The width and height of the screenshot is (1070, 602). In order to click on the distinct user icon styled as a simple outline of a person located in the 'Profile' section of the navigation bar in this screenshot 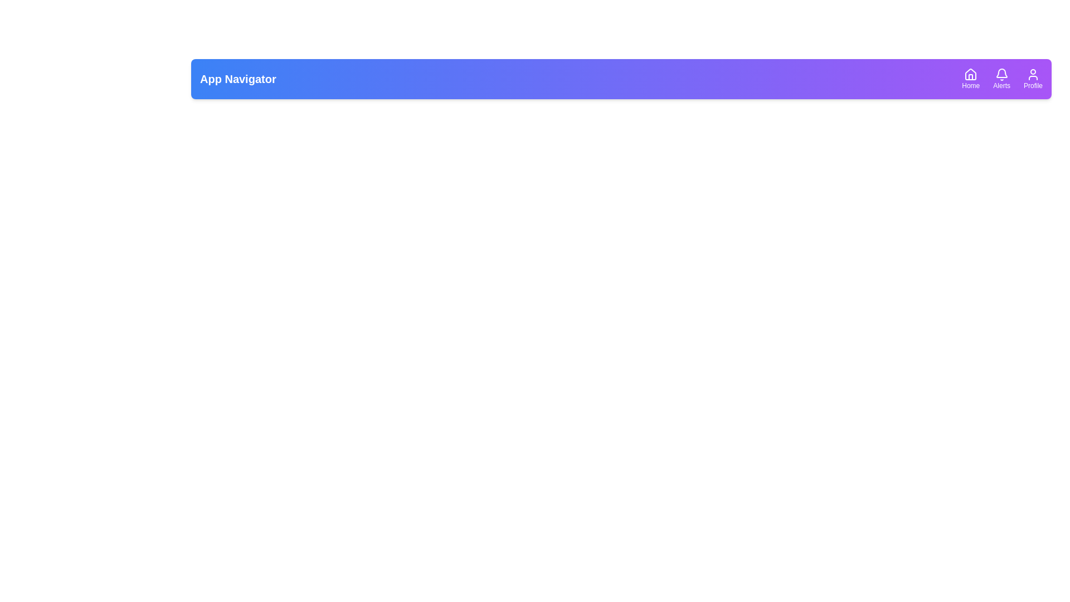, I will do `click(1032, 75)`.